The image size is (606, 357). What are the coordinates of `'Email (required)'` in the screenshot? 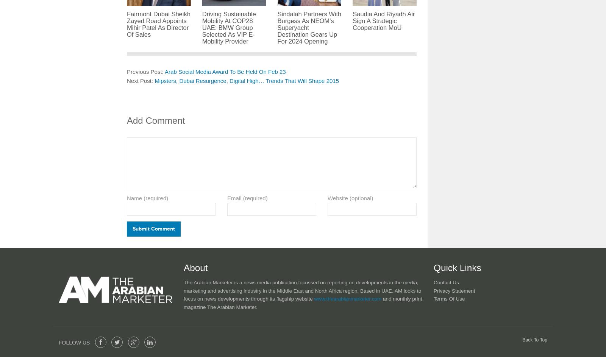 It's located at (247, 197).